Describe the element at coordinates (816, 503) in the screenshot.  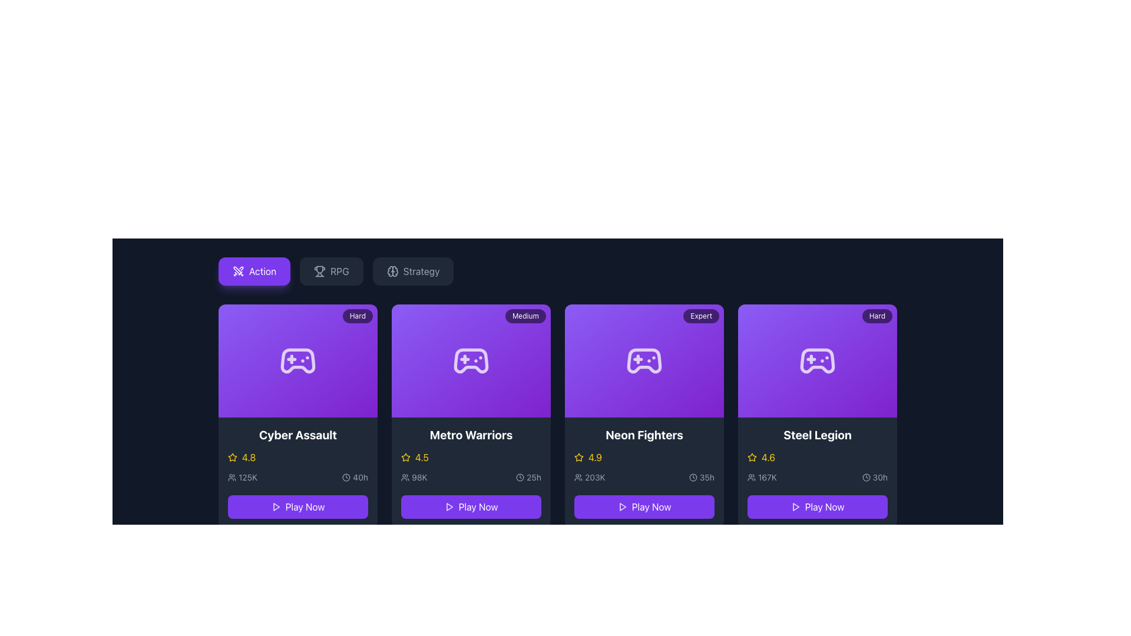
I see `the button located at the bottom of the 'Steel Legion' game card to observe any interactive effects` at that location.